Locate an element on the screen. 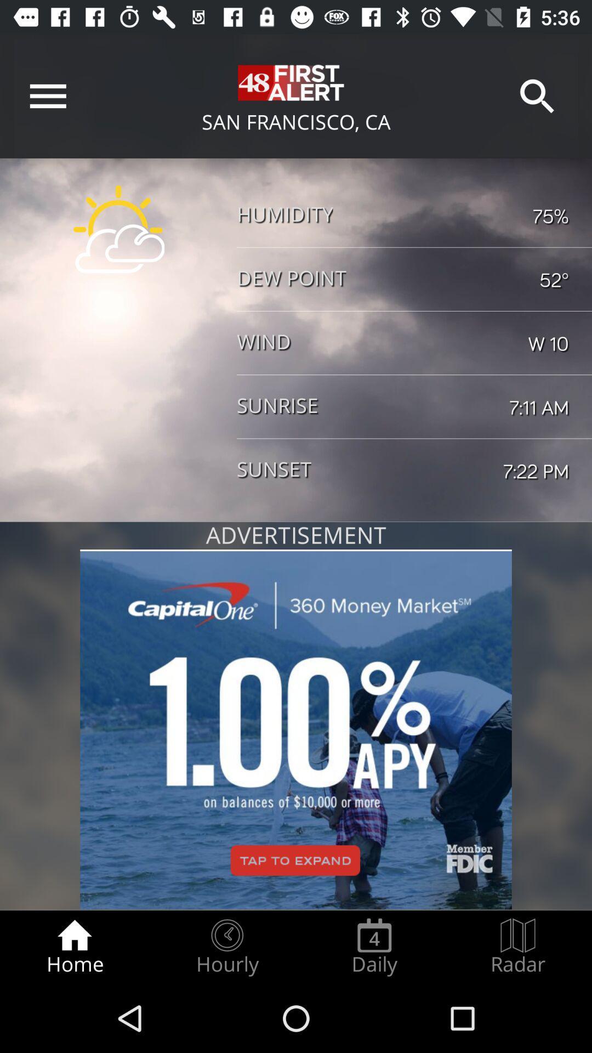  radio button to the left of hourly is located at coordinates (74, 947).